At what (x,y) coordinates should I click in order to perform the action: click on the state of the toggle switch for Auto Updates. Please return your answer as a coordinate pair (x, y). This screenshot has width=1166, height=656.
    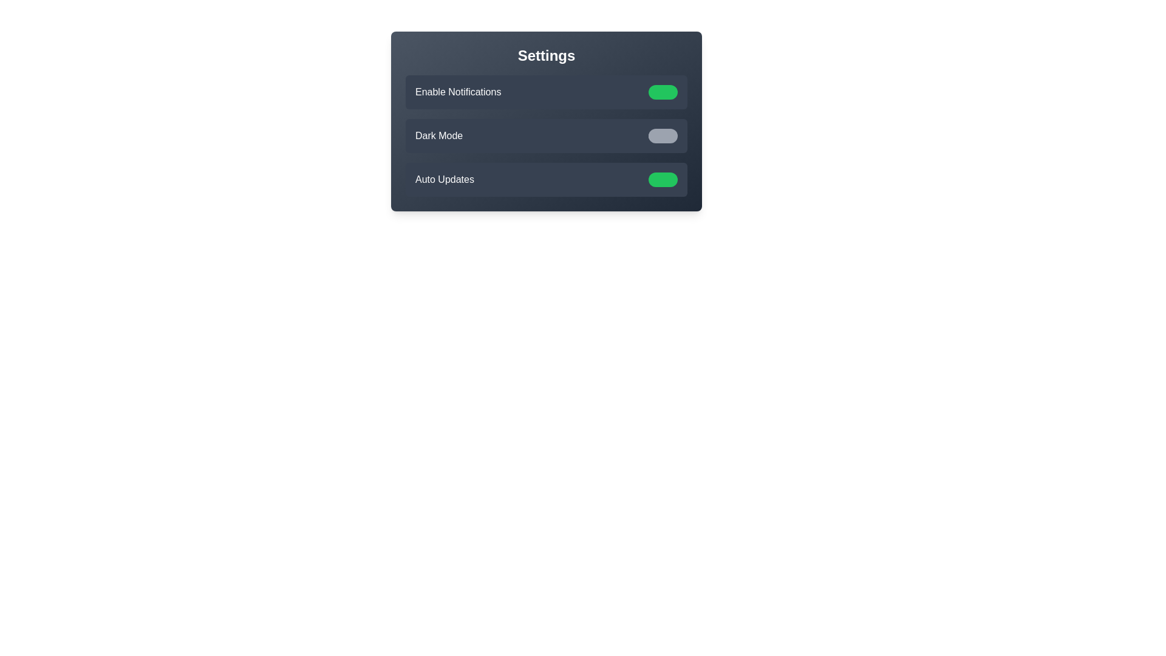
    Looking at the image, I should click on (662, 180).